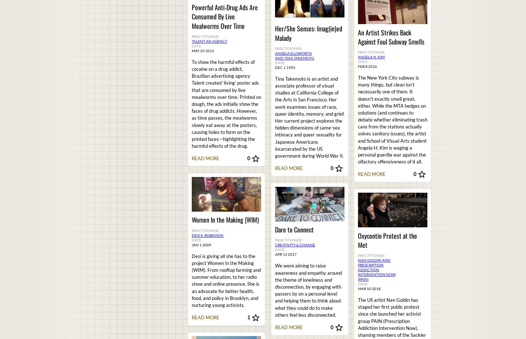 Image resolution: width=526 pixels, height=339 pixels. I want to click on 'Angela H. Kim', so click(371, 56).